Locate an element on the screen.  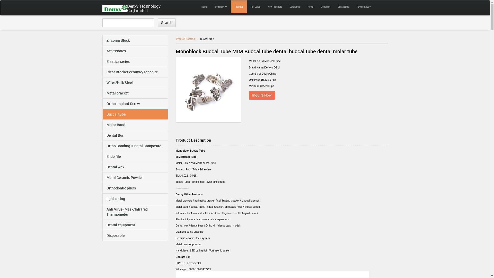
'Orthodontic pliers' is located at coordinates (135, 188).